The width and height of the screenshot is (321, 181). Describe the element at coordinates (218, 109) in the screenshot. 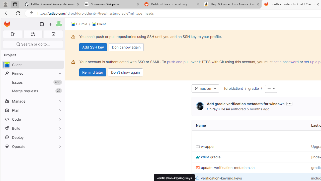

I see `'Chirayu Desai'` at that location.